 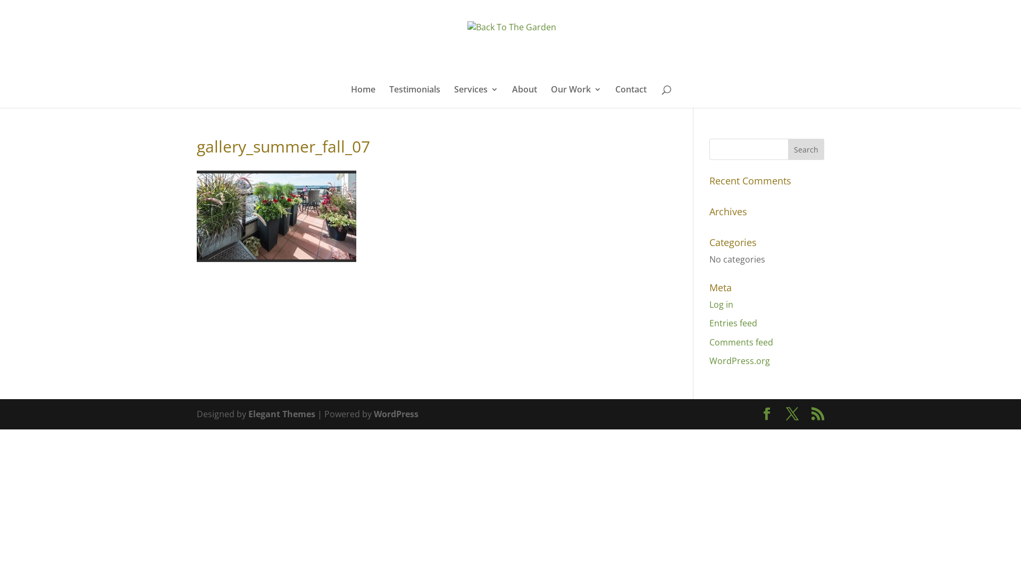 What do you see at coordinates (806, 149) in the screenshot?
I see `'Search'` at bounding box center [806, 149].